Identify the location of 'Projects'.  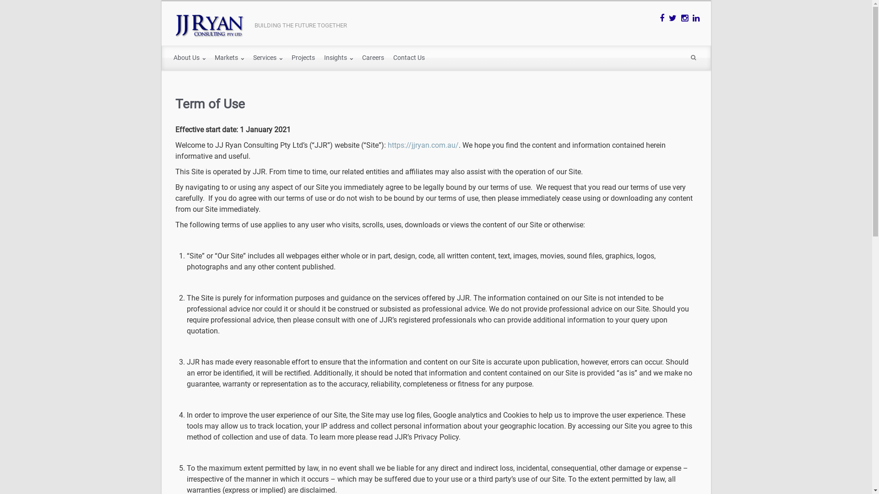
(303, 58).